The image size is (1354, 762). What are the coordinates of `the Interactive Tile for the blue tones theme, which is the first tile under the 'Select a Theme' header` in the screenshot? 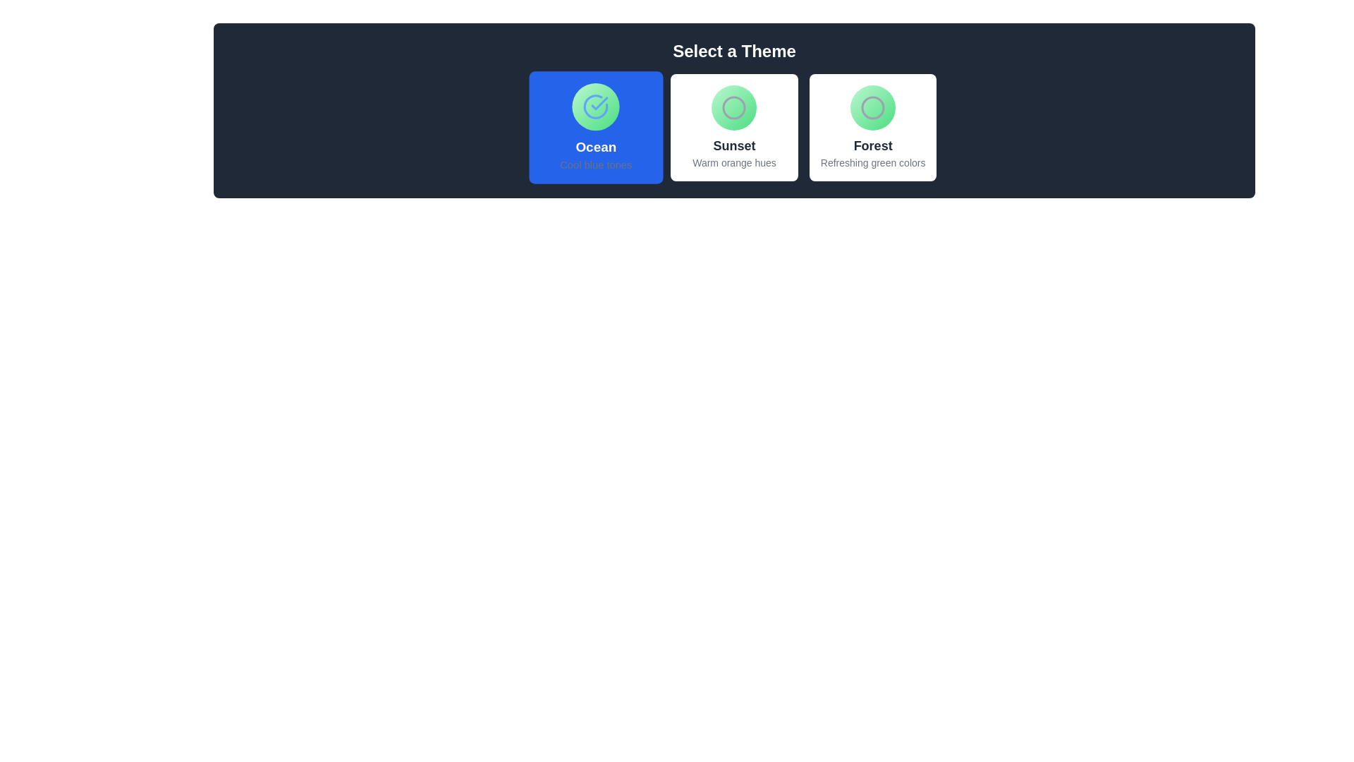 It's located at (595, 128).